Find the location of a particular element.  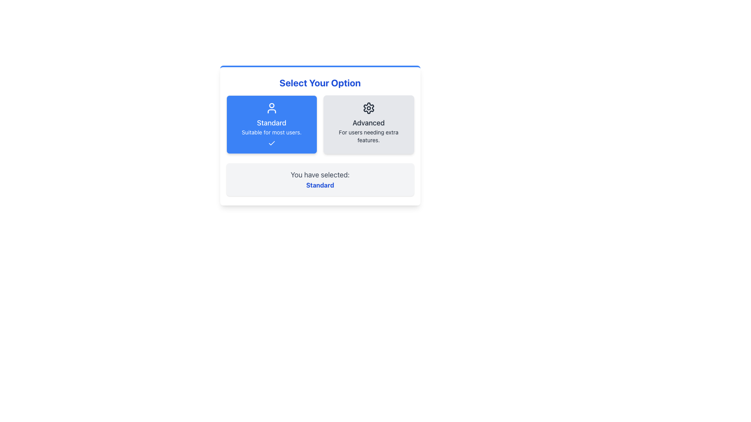

the text label that reads 'Suitable for most users.' which is styled in white on a blue background and is located below the 'Standard' label in the left card component is located at coordinates (271, 132).